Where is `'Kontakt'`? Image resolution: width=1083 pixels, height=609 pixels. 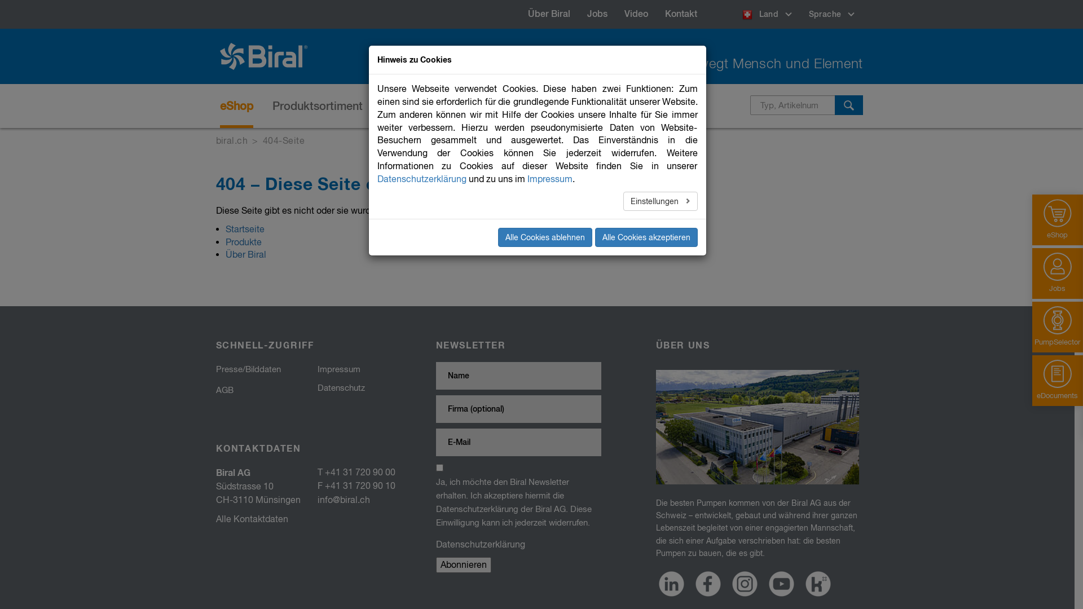 'Kontakt' is located at coordinates (680, 14).